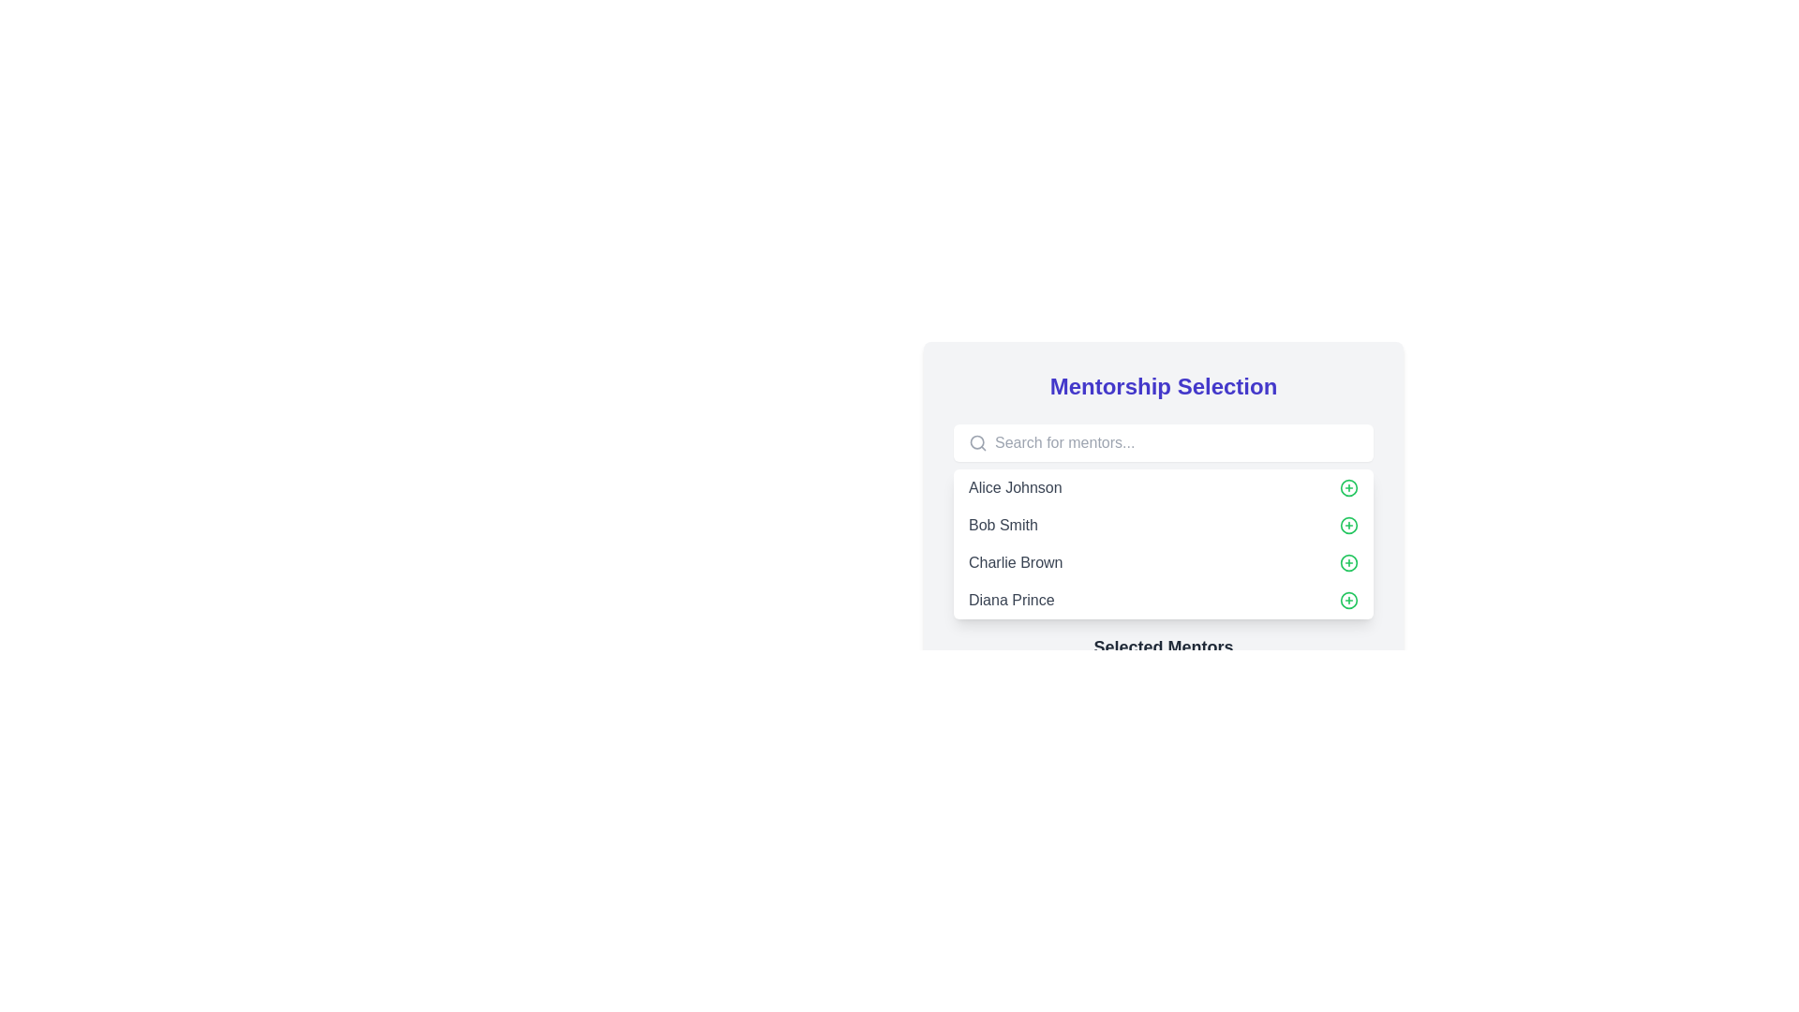  I want to click on the decorative graphical element that is part of the search icon, located to the left of the 'Search for mentors...' text box in the mentorship selection panel, so click(976, 442).